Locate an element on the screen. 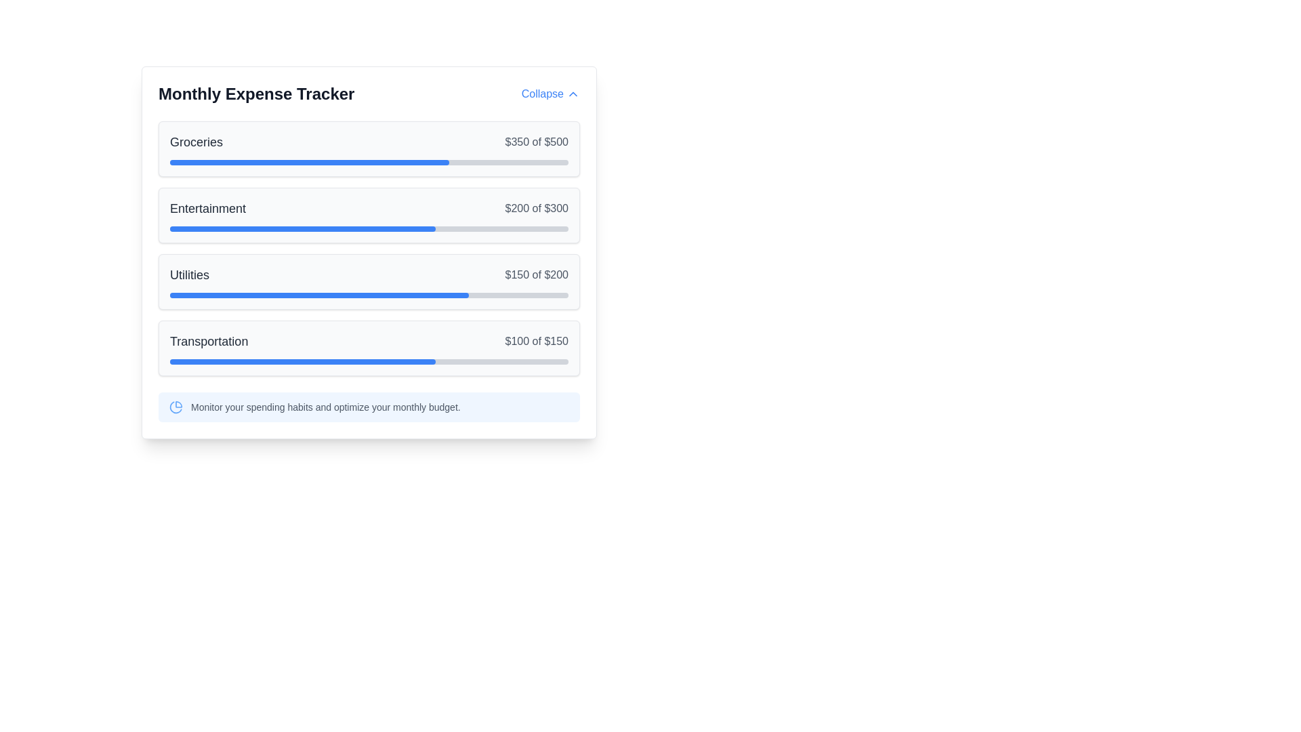 This screenshot has height=732, width=1301. the decorative icon in the bottom-left section of the interface that represents data visualization or statistics is located at coordinates (175, 407).